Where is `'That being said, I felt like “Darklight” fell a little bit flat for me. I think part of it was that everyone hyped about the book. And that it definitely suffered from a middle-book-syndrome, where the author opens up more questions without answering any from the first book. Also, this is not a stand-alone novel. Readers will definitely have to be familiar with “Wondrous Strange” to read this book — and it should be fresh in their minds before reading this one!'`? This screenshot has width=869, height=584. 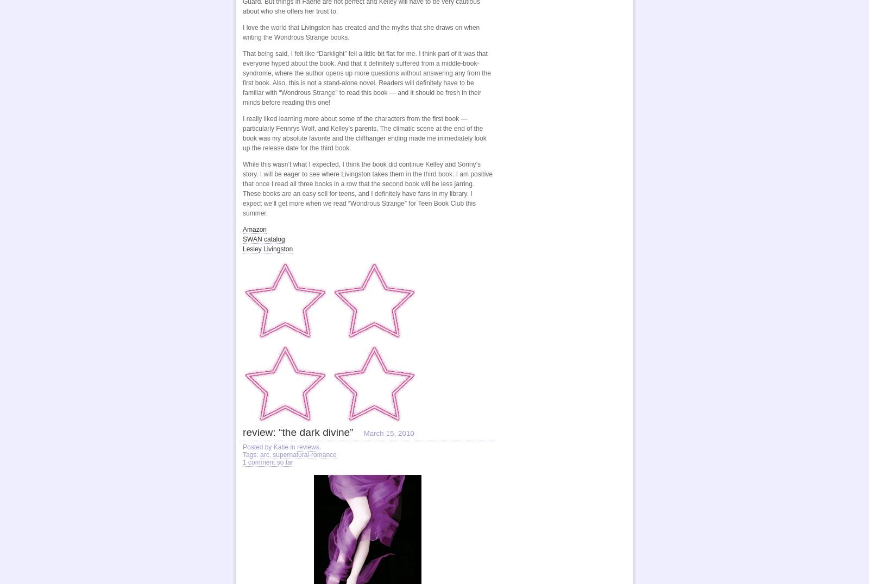 'That being said, I felt like “Darklight” fell a little bit flat for me. I think part of it was that everyone hyped about the book. And that it definitely suffered from a middle-book-syndrome, where the author opens up more questions without answering any from the first book. Also, this is not a stand-alone novel. Readers will definitely have to be familiar with “Wondrous Strange” to read this book — and it should be fresh in their minds before reading this one!' is located at coordinates (367, 78).